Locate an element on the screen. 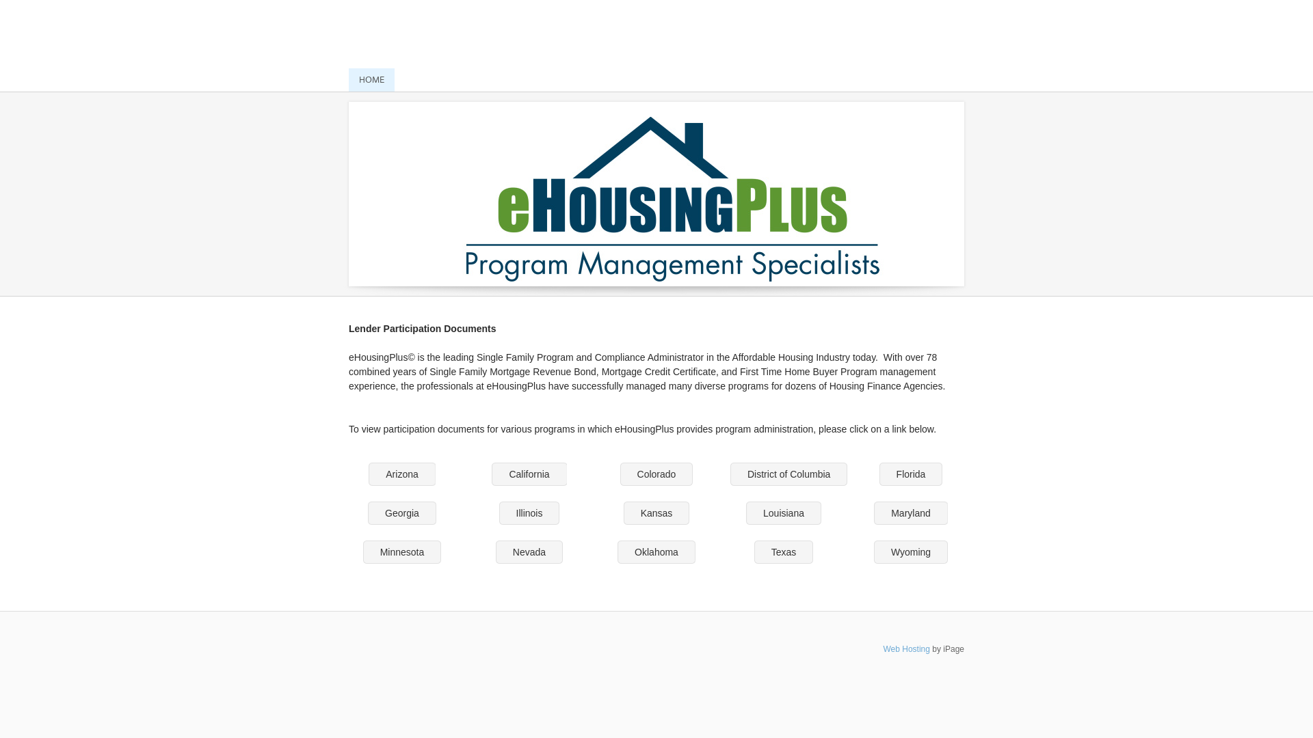 The image size is (1313, 738). 'Illinois' is located at coordinates (498, 513).